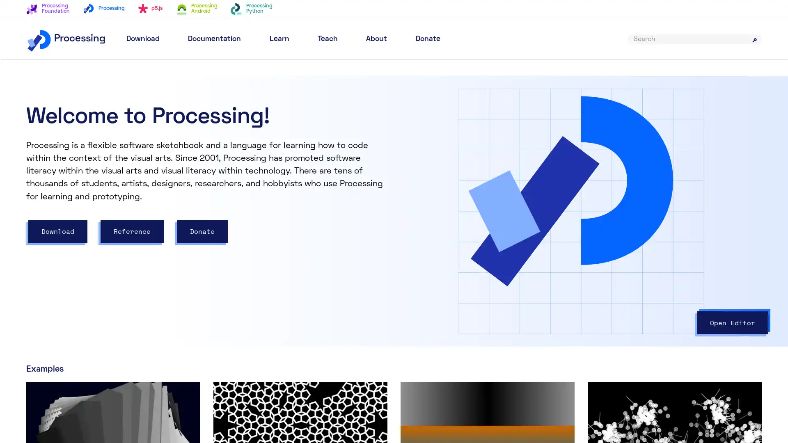 This screenshot has width=788, height=443. What do you see at coordinates (488, 102) in the screenshot?
I see `true` at bounding box center [488, 102].